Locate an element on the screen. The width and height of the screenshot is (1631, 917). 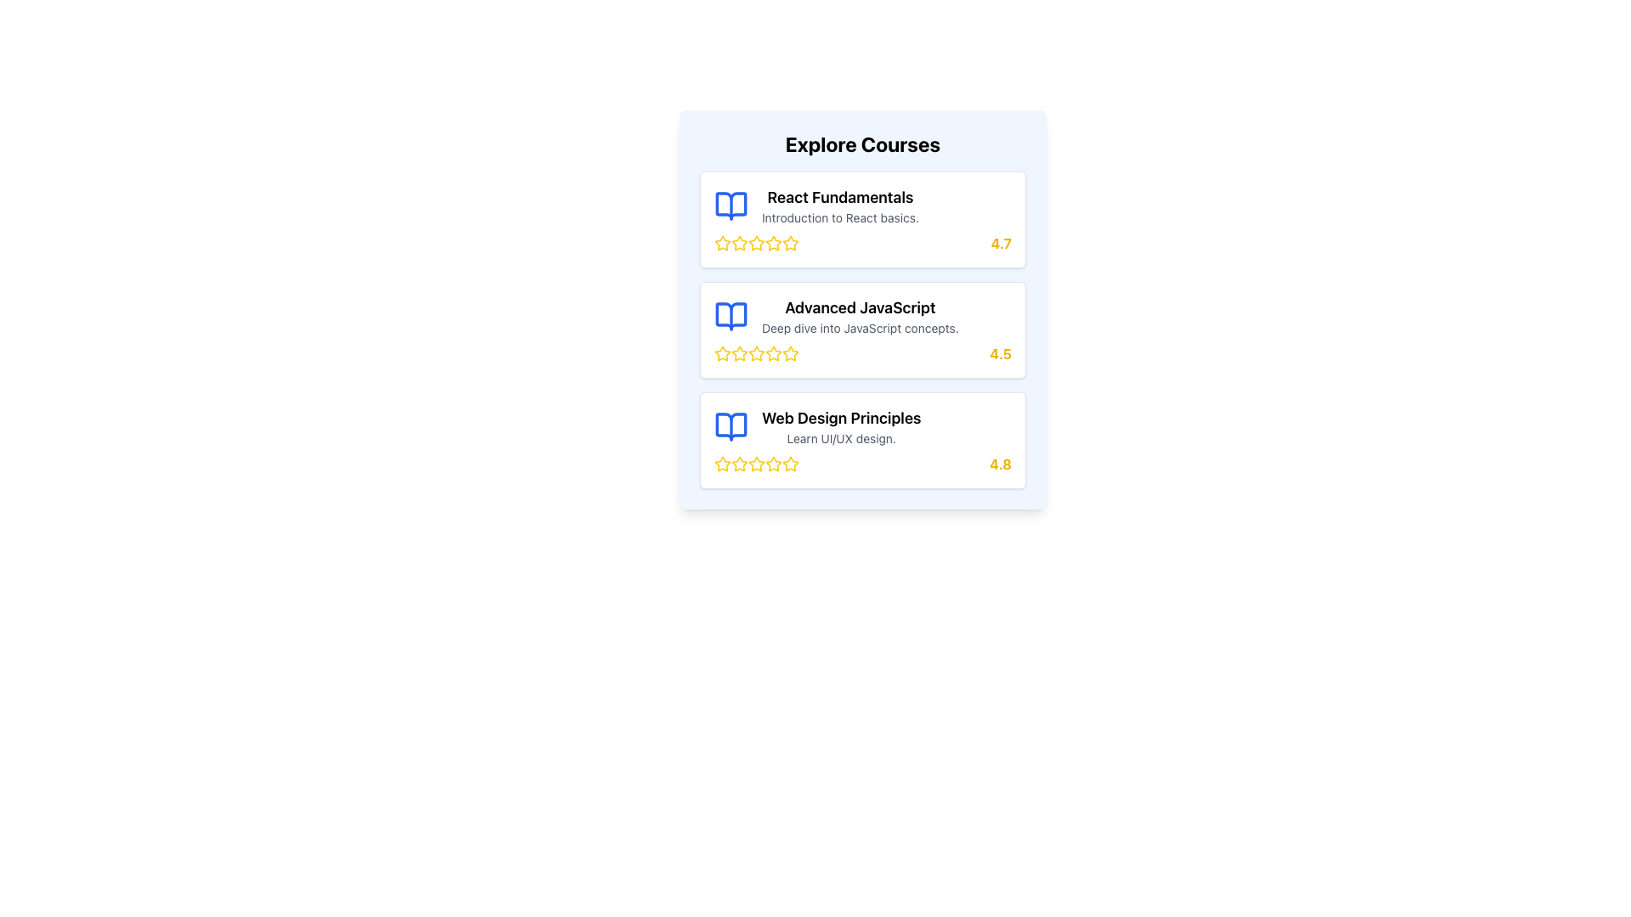
the first yellow outlined star icon in the rating system of the 'React Fundamentals' course is located at coordinates (738, 242).